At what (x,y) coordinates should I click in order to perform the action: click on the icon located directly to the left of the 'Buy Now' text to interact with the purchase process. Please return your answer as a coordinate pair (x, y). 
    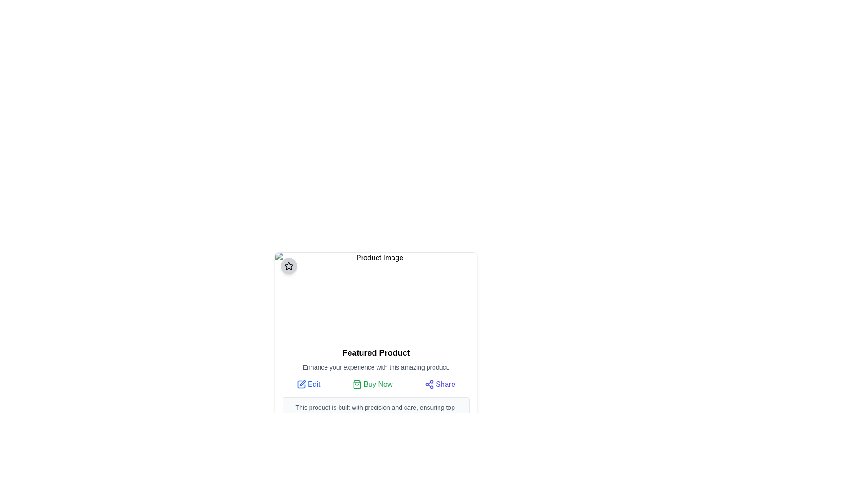
    Looking at the image, I should click on (357, 385).